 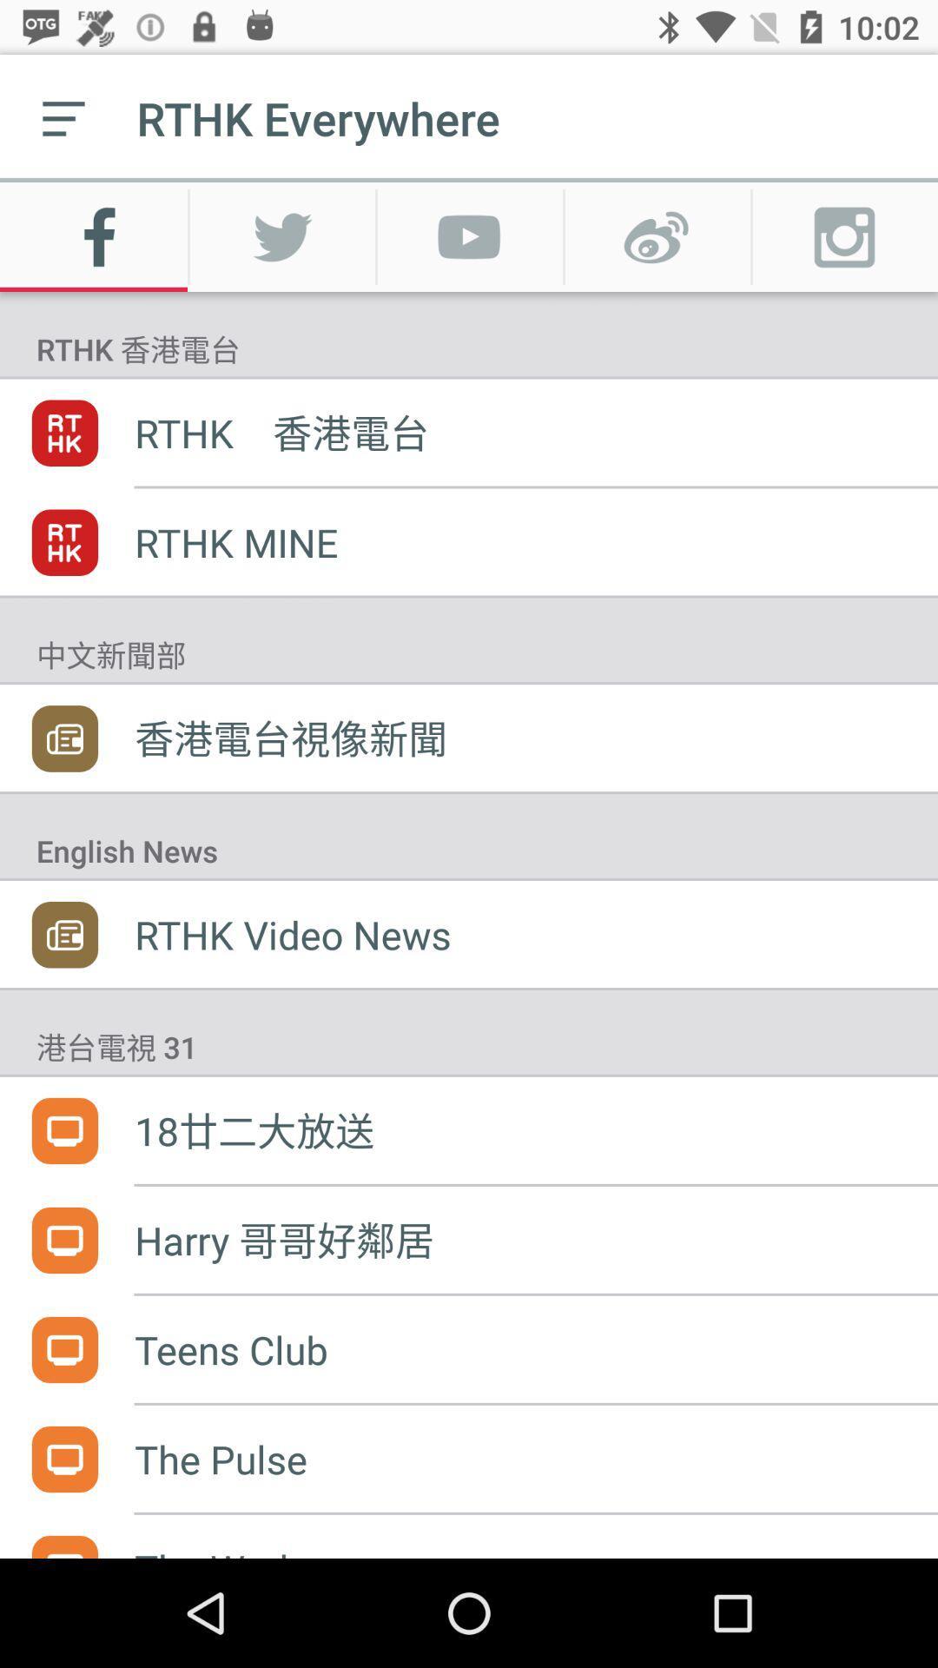 I want to click on the icon to the left of rthk everywhere item, so click(x=63, y=117).